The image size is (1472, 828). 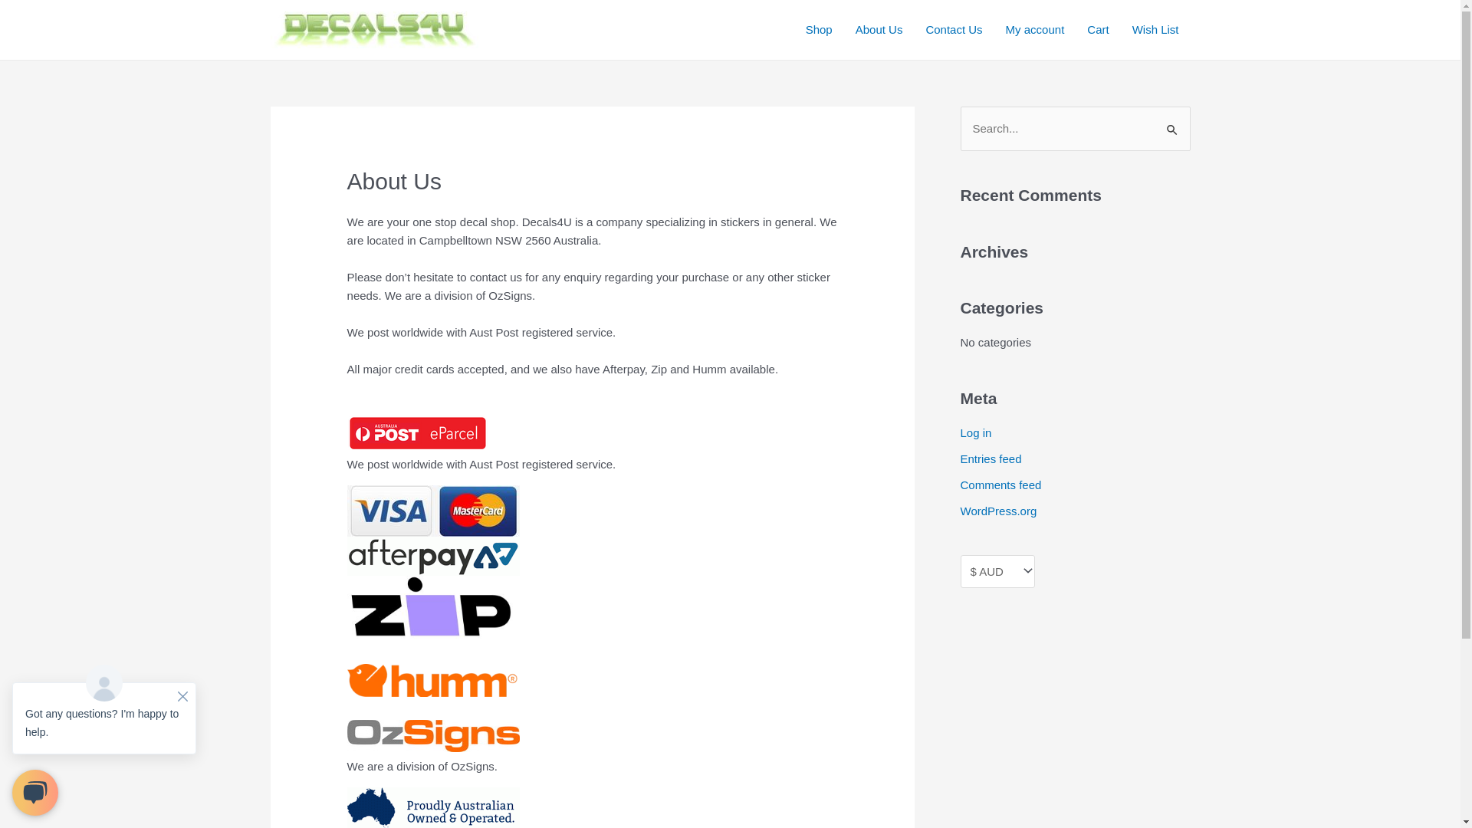 I want to click on 'Search', so click(x=1172, y=121).